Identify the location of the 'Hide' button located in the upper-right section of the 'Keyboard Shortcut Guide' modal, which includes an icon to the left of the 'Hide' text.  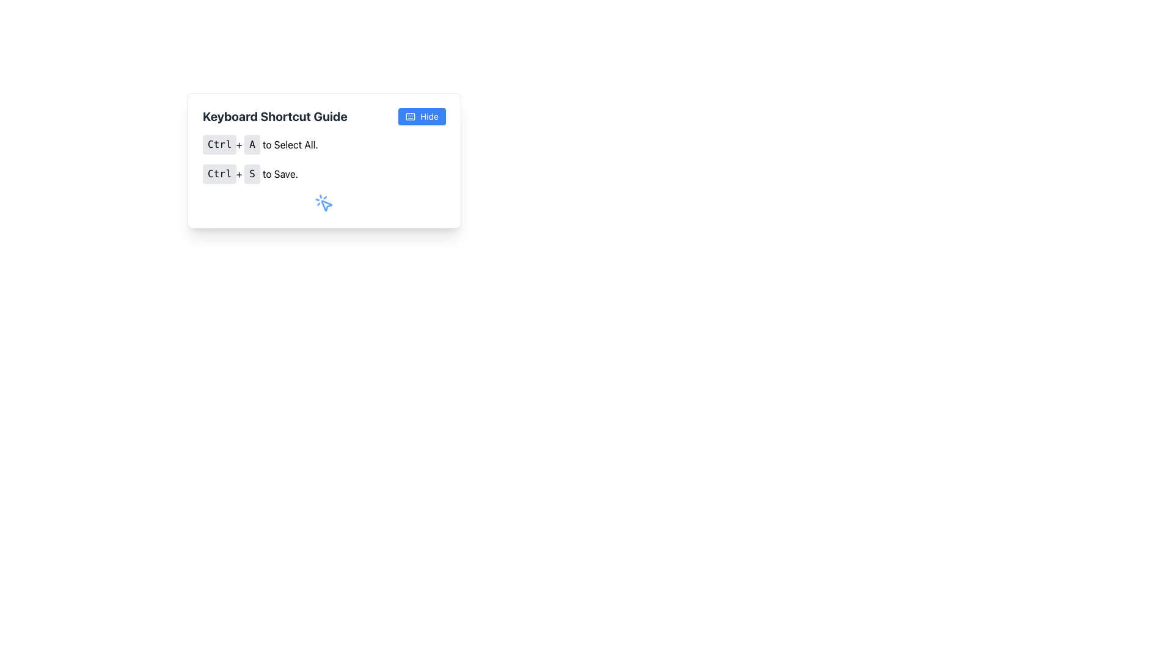
(411, 117).